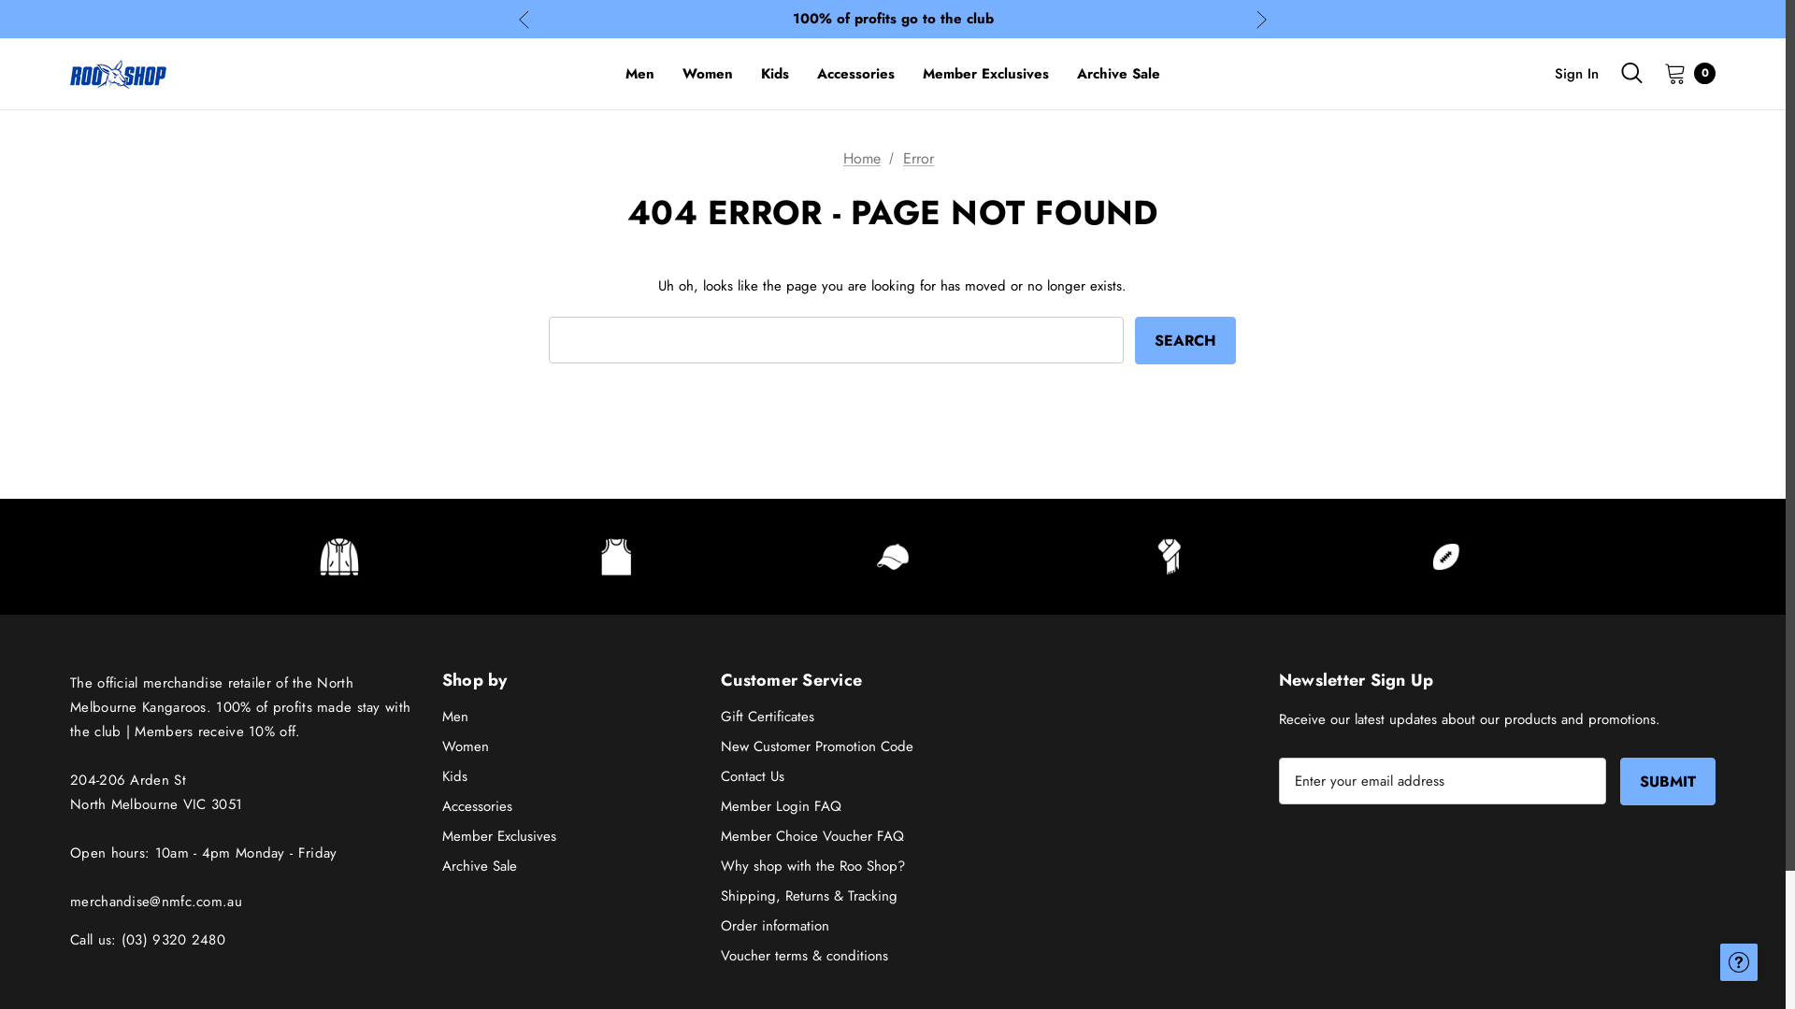 Image resolution: width=1795 pixels, height=1009 pixels. I want to click on 'Error', so click(918, 157).